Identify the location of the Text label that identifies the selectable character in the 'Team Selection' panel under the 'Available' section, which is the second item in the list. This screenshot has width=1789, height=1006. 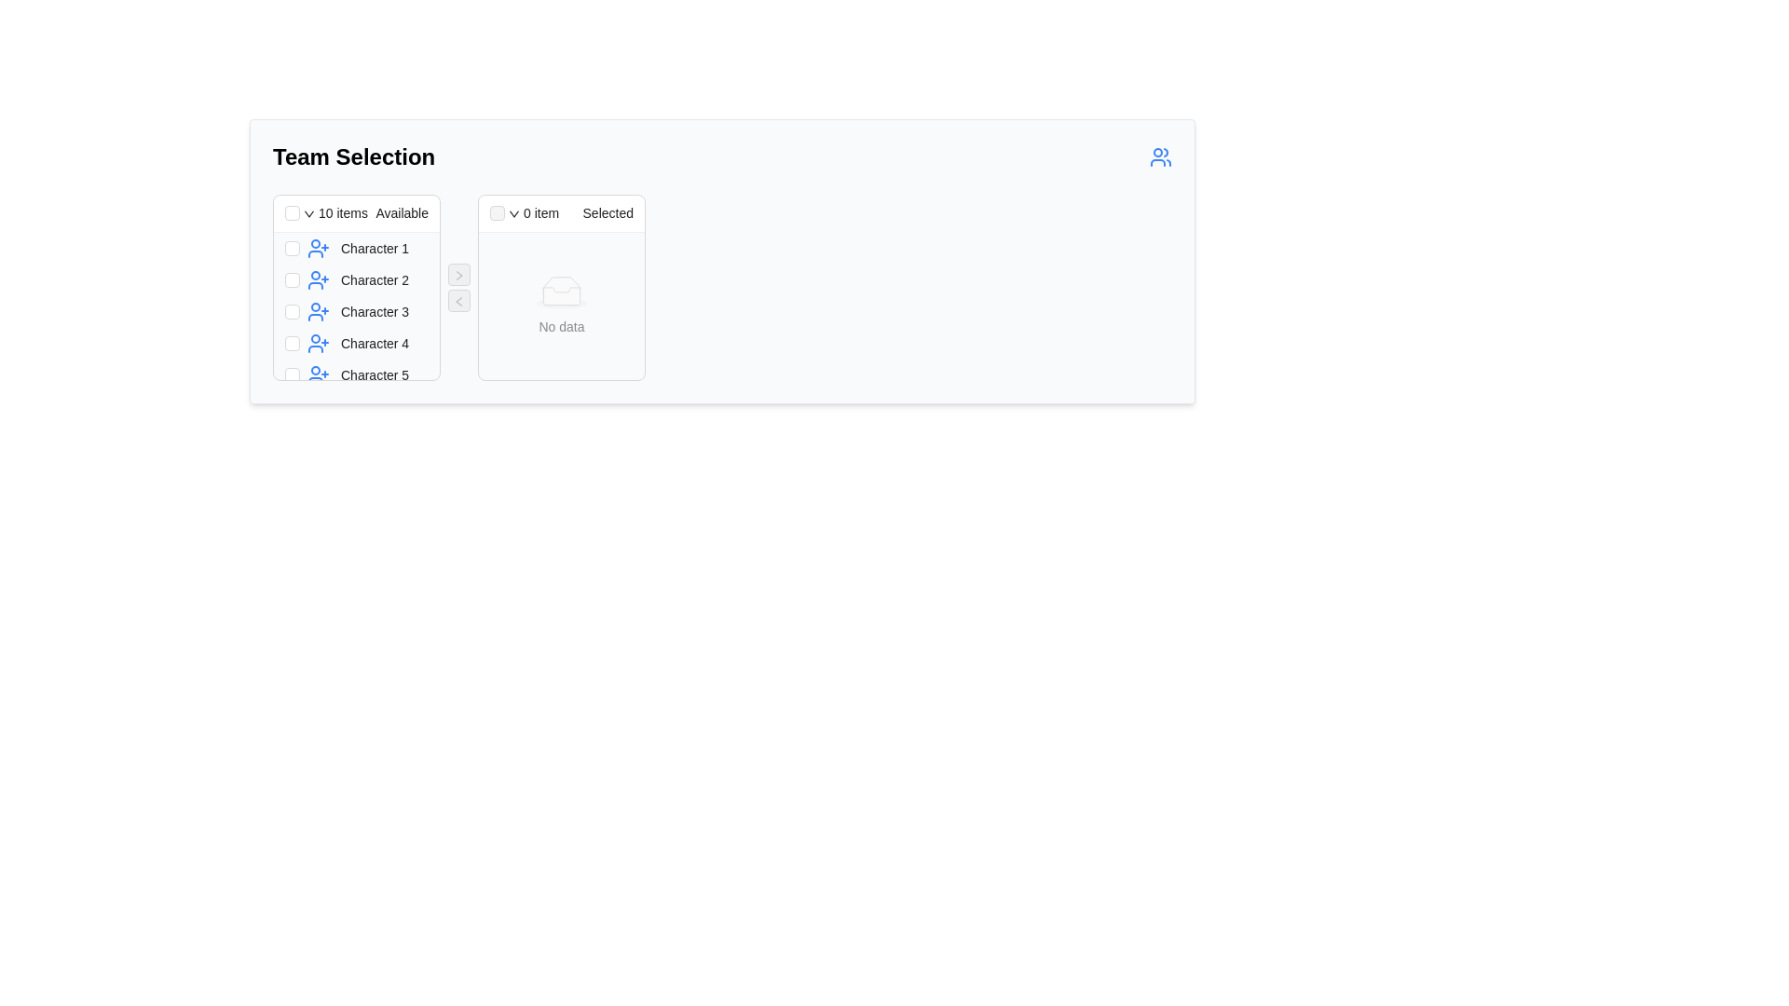
(374, 279).